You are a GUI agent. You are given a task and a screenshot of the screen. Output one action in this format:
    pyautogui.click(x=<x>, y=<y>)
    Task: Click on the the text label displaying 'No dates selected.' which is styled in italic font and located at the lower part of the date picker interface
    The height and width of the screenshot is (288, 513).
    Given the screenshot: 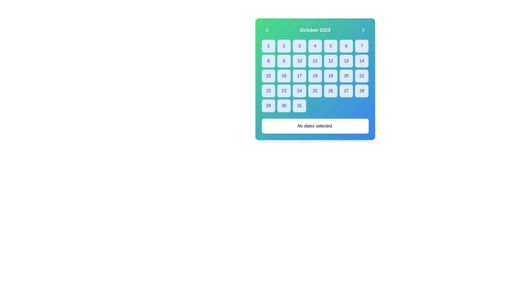 What is the action you would take?
    pyautogui.click(x=315, y=126)
    